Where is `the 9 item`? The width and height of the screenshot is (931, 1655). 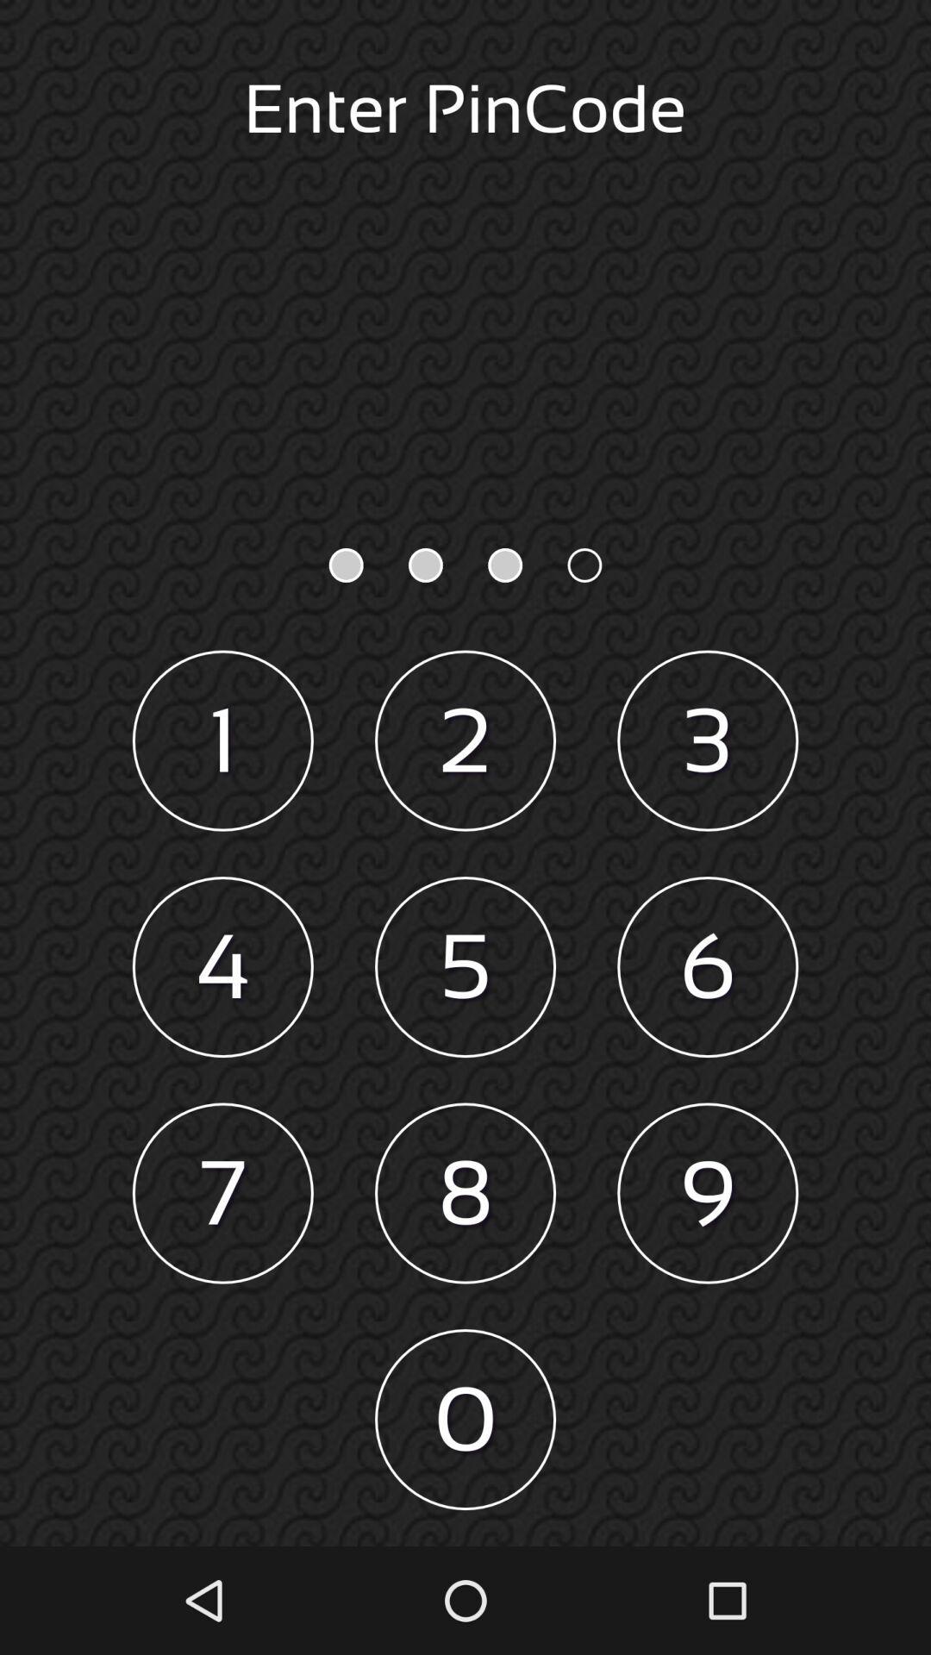 the 9 item is located at coordinates (708, 1192).